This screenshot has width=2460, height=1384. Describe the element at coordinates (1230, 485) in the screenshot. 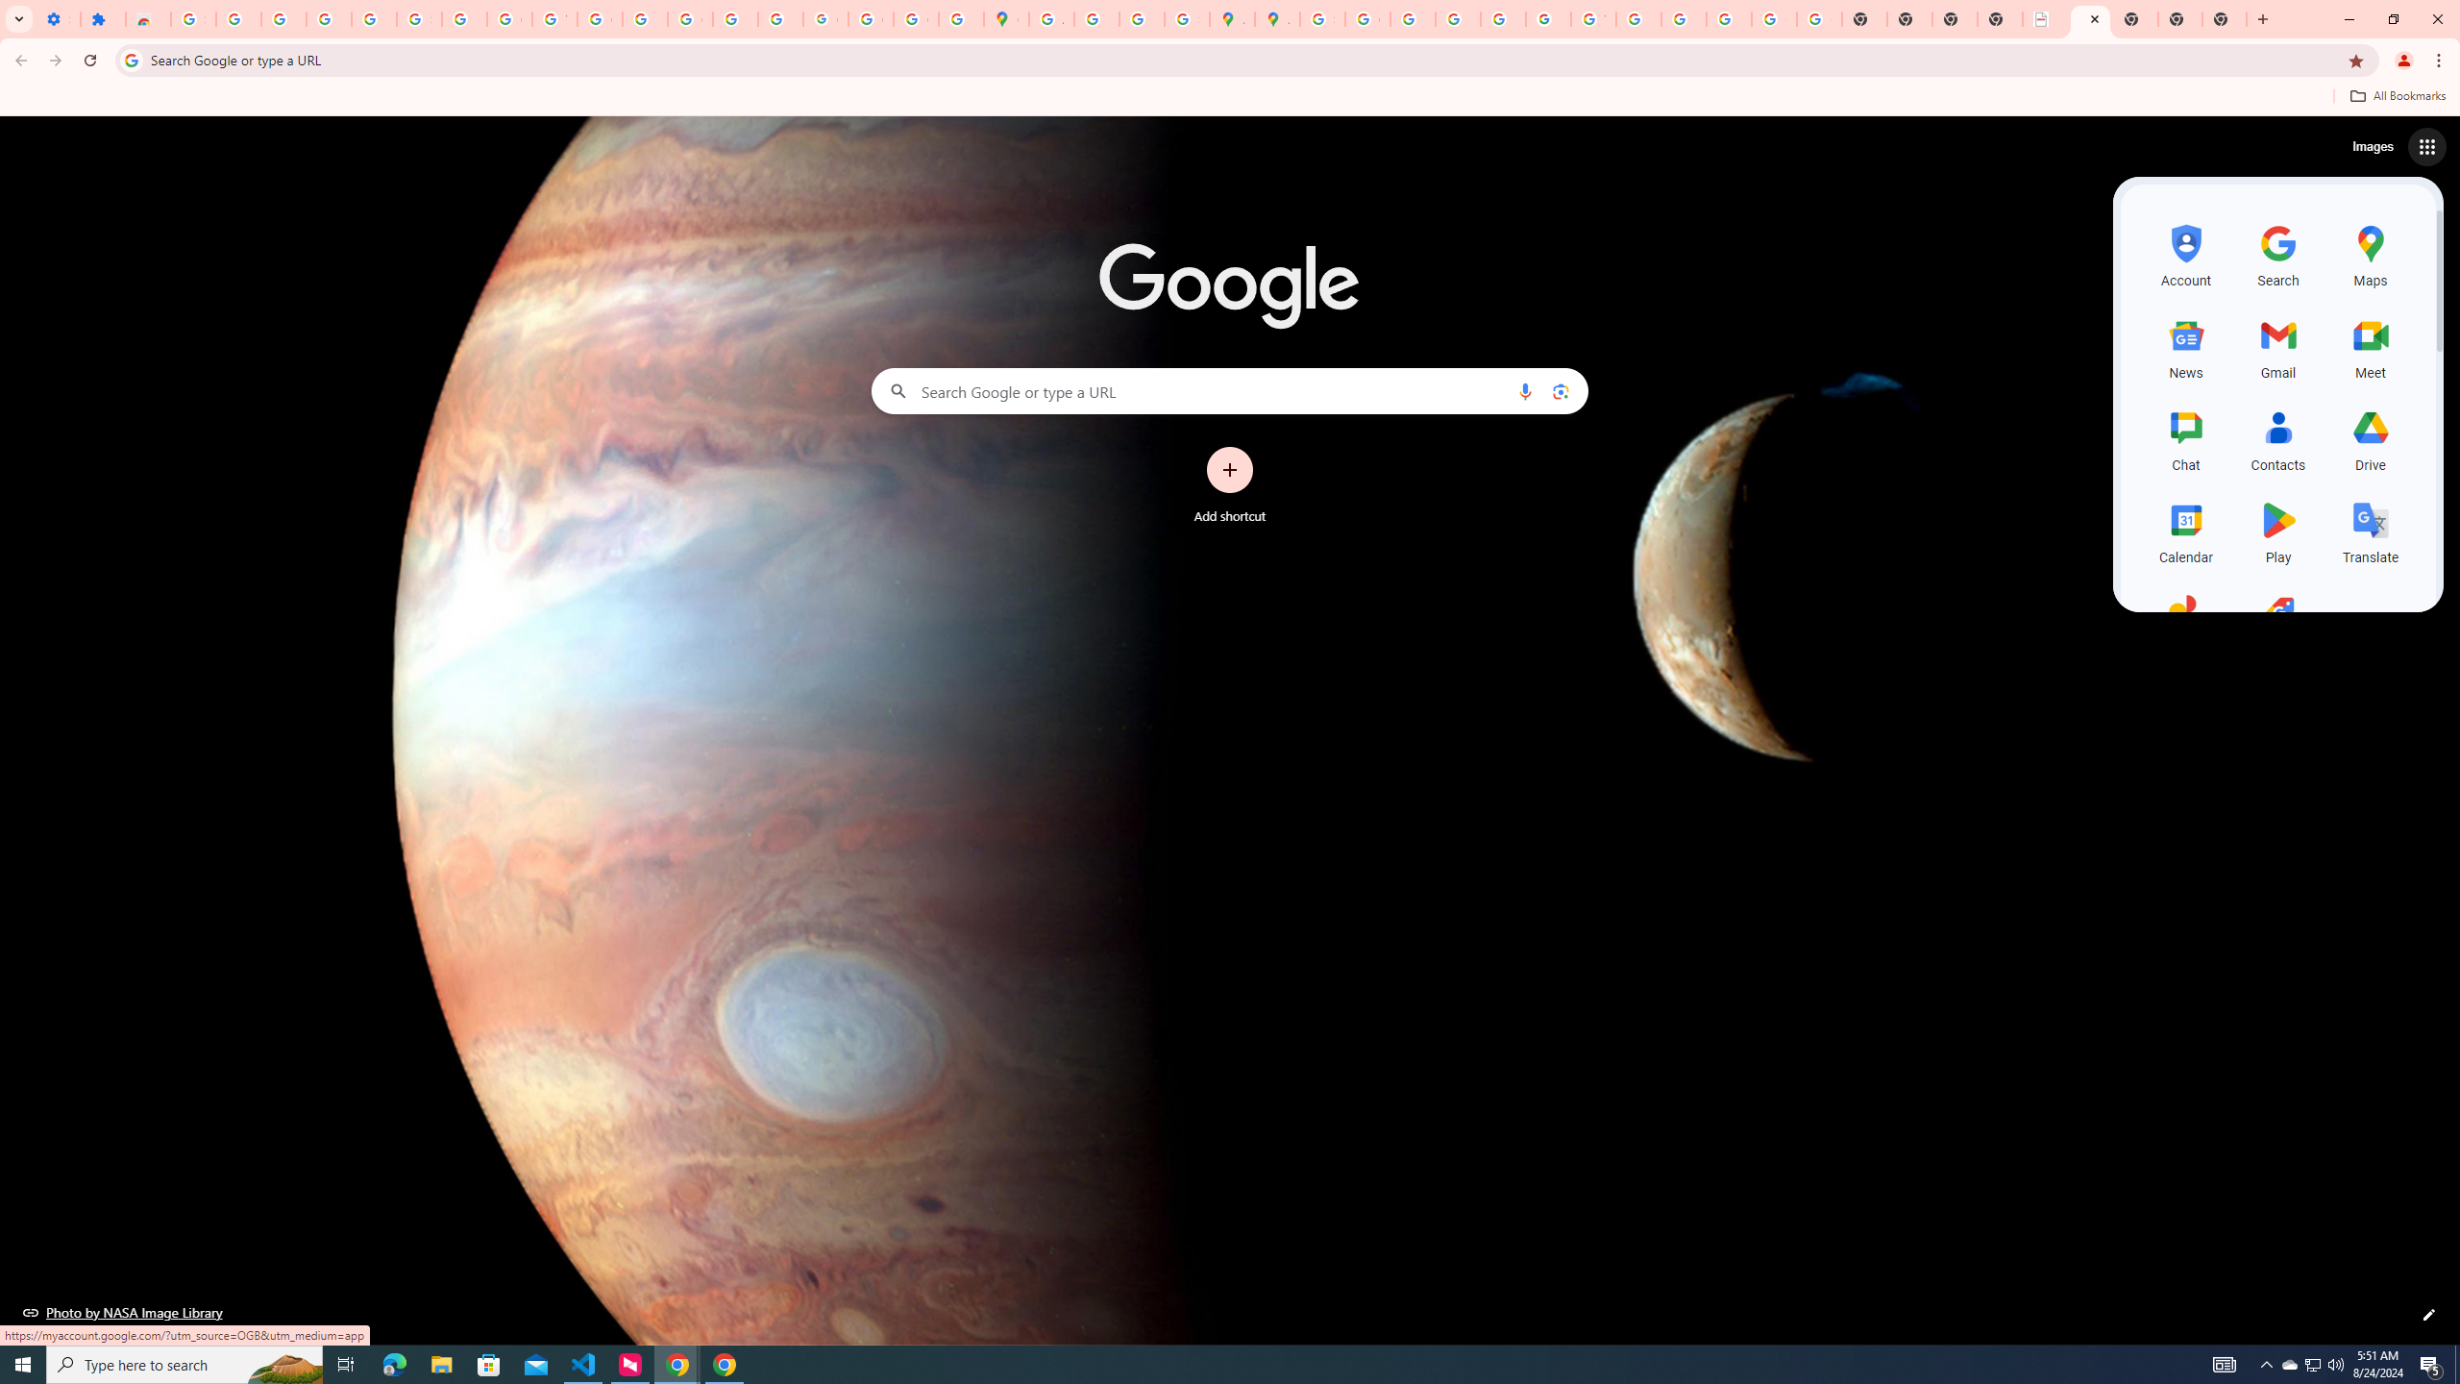

I see `'Add shortcut'` at that location.